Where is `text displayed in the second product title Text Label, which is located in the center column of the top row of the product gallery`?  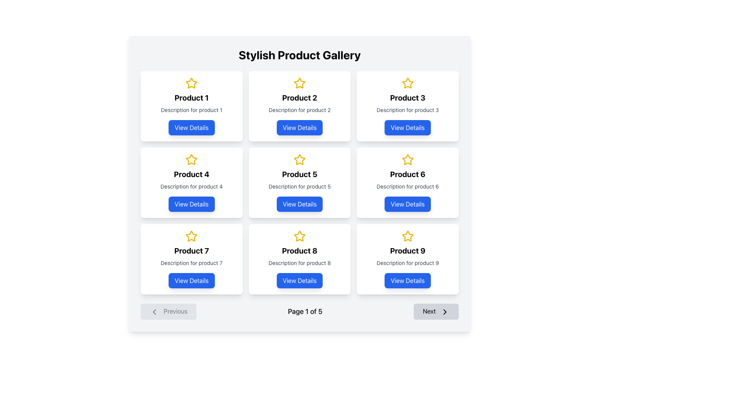
text displayed in the second product title Text Label, which is located in the center column of the top row of the product gallery is located at coordinates (299, 97).